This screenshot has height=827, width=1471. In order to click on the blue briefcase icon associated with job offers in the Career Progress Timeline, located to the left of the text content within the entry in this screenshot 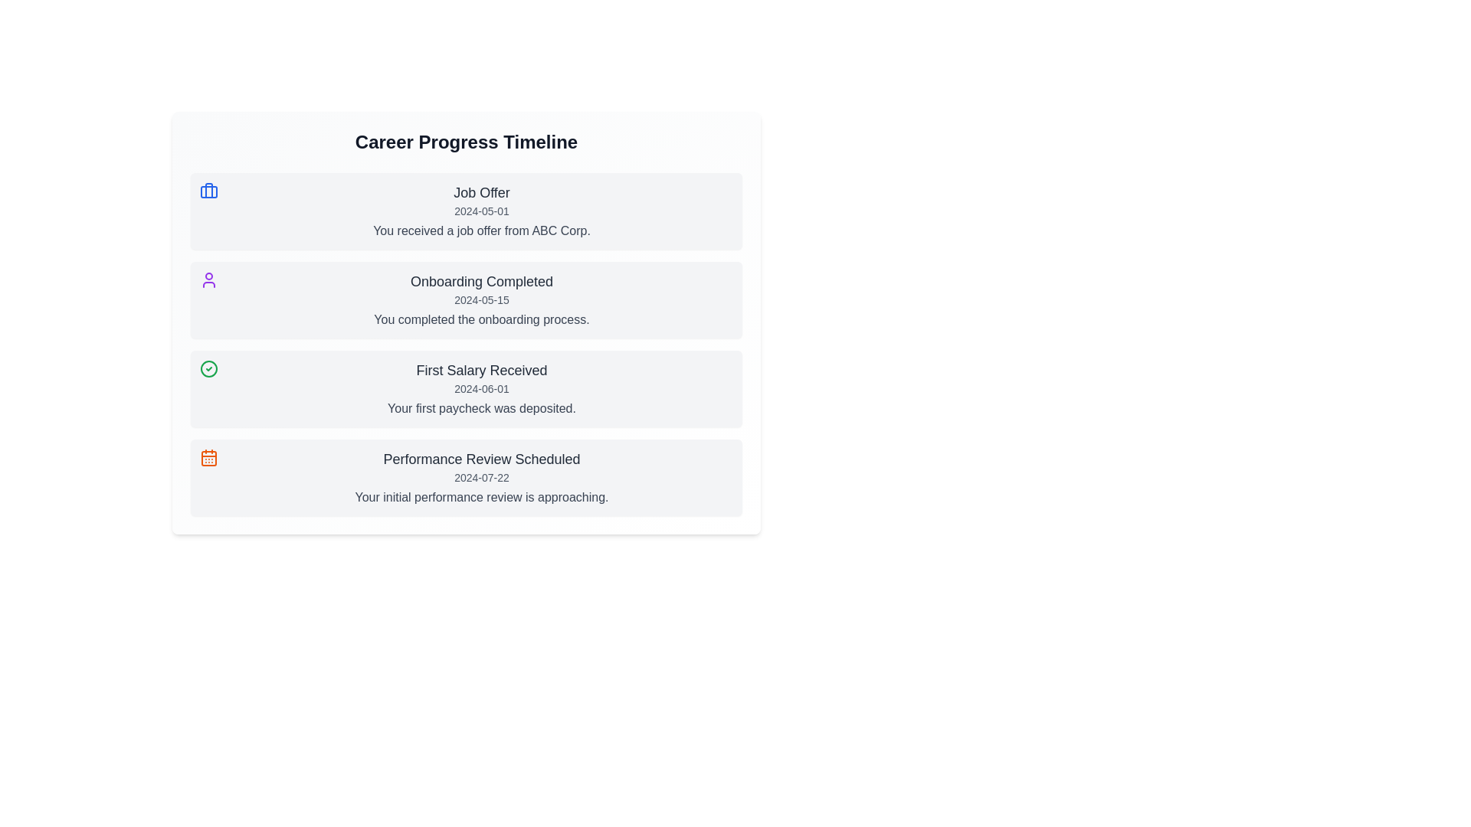, I will do `click(208, 191)`.